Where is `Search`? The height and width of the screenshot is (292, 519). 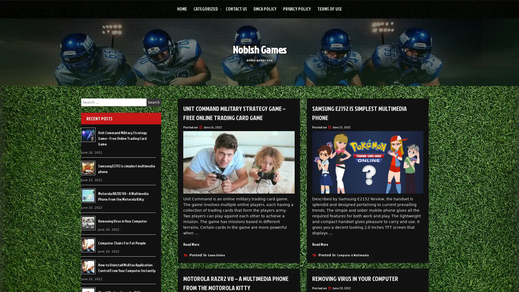
Search is located at coordinates (154, 102).